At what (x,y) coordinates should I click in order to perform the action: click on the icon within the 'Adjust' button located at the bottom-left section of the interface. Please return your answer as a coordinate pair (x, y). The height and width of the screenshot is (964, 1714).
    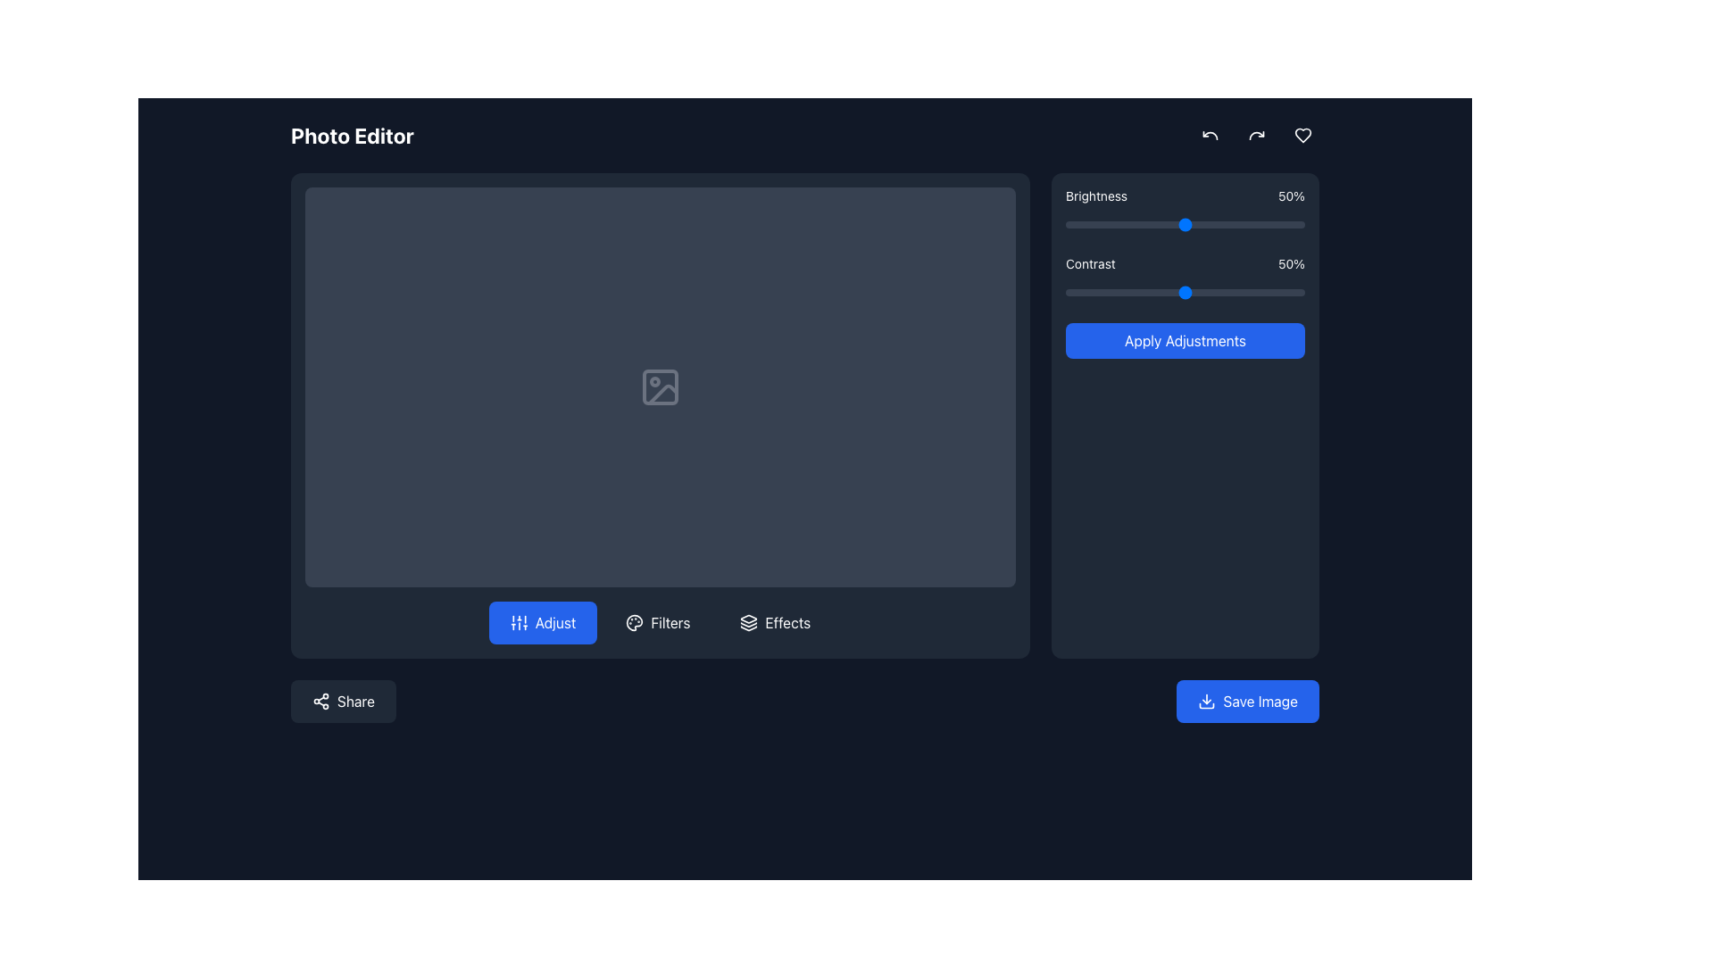
    Looking at the image, I should click on (518, 621).